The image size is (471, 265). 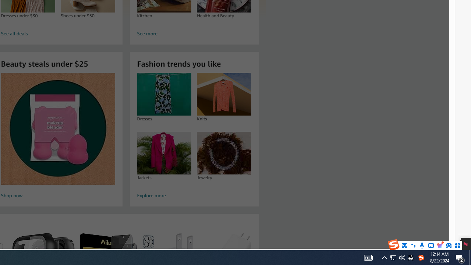 What do you see at coordinates (164, 94) in the screenshot?
I see `'Dresses'` at bounding box center [164, 94].